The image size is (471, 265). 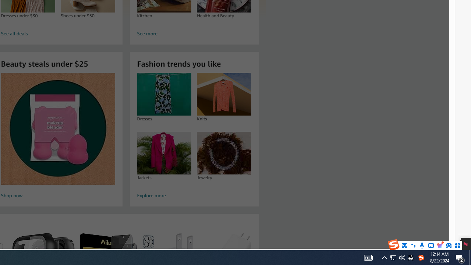 What do you see at coordinates (164, 94) in the screenshot?
I see `'Dresses'` at bounding box center [164, 94].